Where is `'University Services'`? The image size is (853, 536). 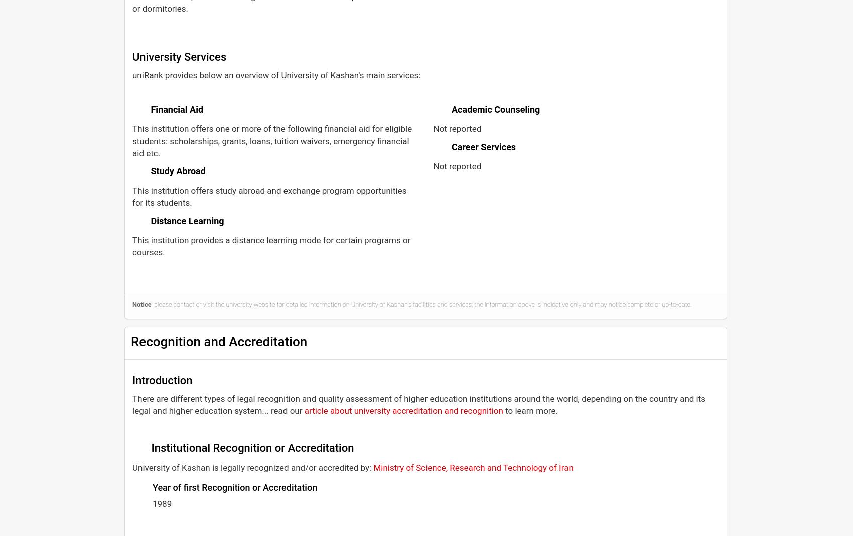
'University Services' is located at coordinates (179, 57).